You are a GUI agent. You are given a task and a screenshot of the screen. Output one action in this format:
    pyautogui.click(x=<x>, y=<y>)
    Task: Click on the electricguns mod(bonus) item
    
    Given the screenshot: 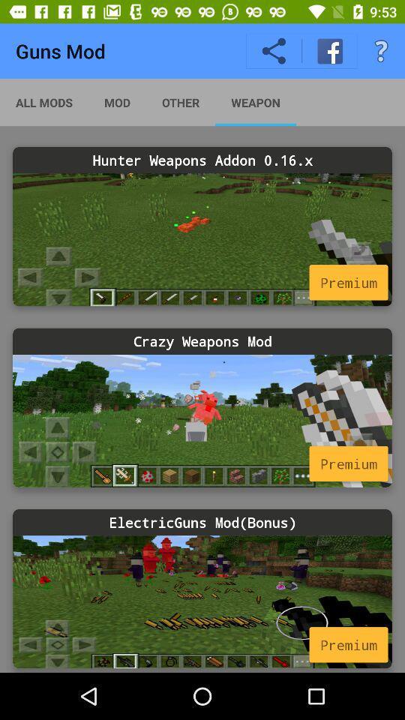 What is the action you would take?
    pyautogui.click(x=202, y=522)
    